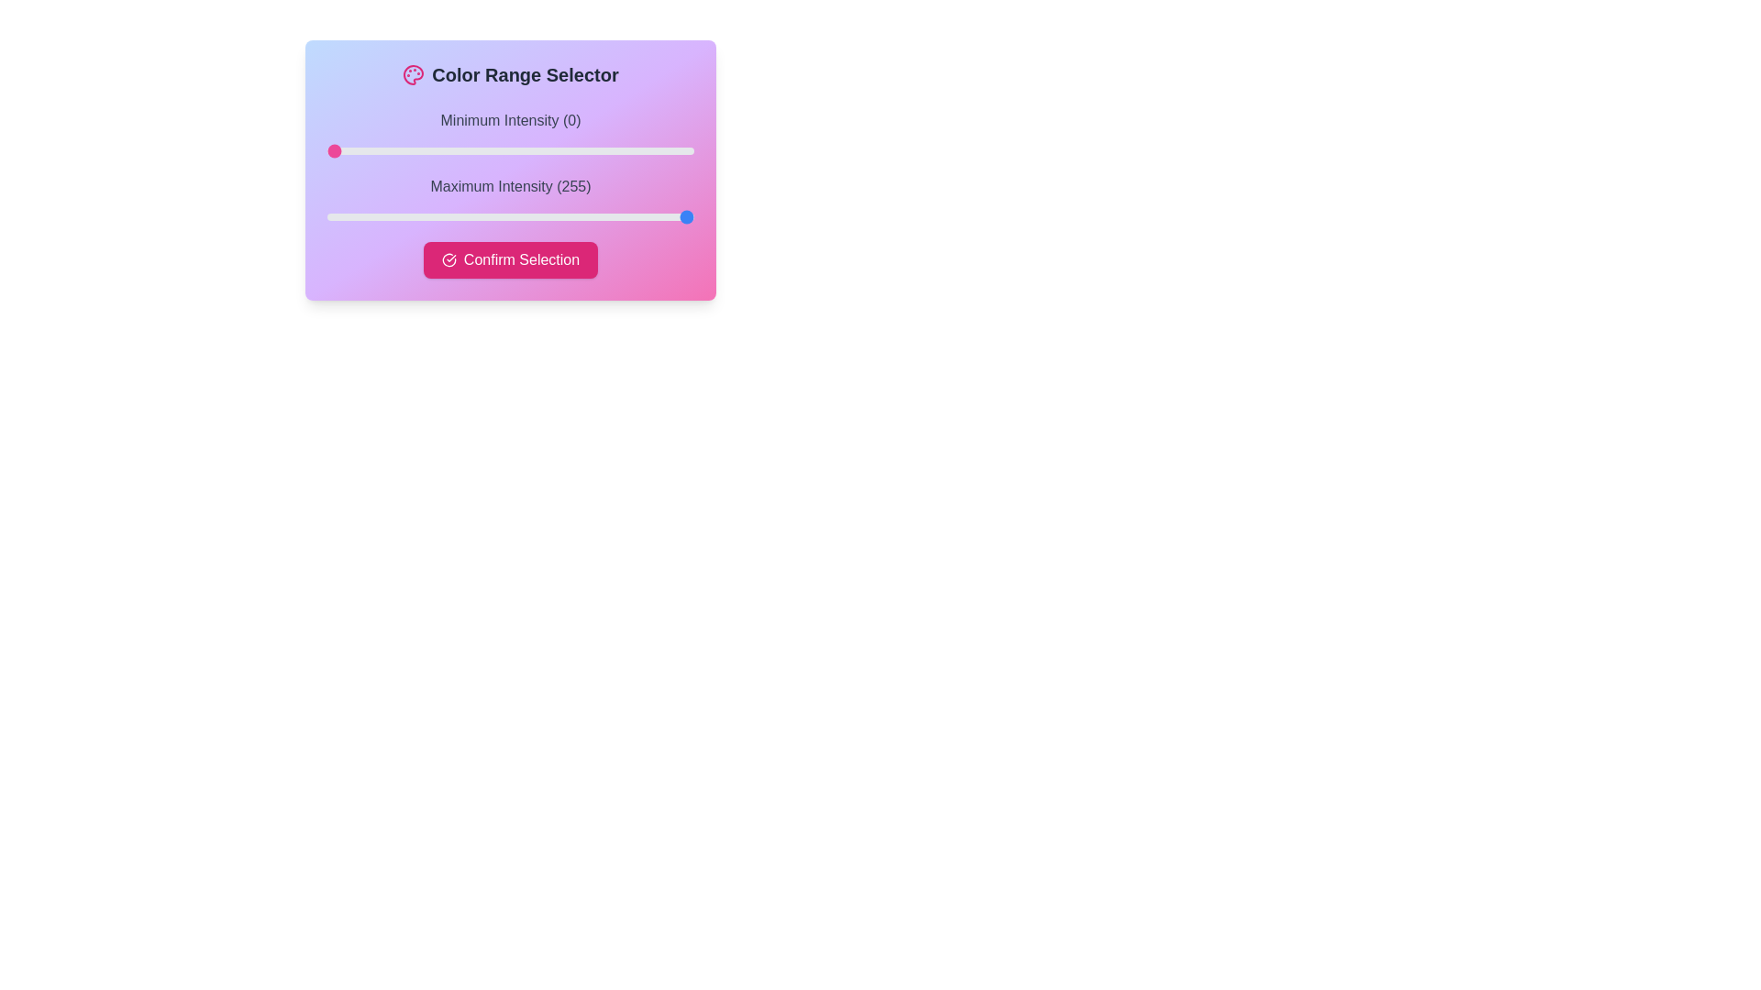  What do you see at coordinates (415, 150) in the screenshot?
I see `the minimum intensity slider to 62 value` at bounding box center [415, 150].